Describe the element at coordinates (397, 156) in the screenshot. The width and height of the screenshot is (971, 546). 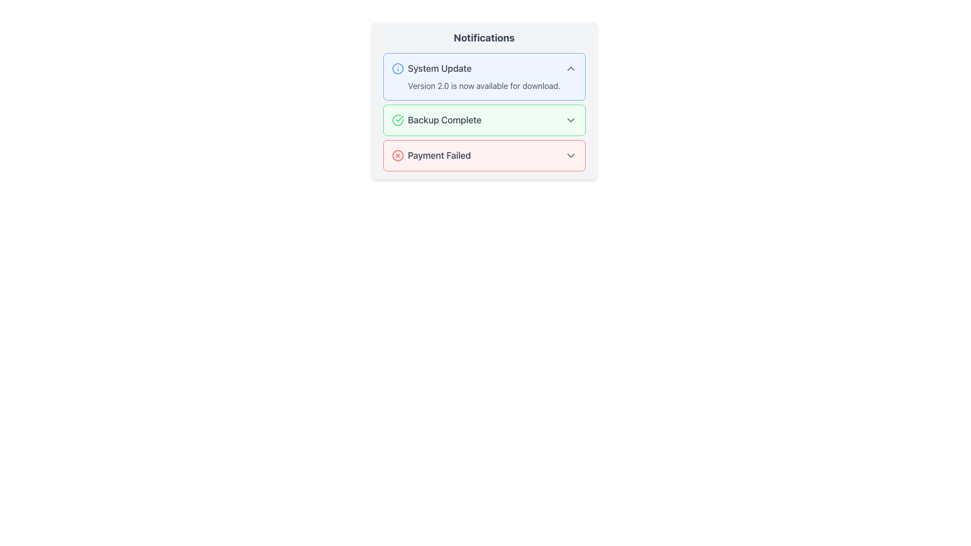
I see `the circular icon with a red border and white fill, located to the left of the 'Payment Failed' text within the notification card` at that location.